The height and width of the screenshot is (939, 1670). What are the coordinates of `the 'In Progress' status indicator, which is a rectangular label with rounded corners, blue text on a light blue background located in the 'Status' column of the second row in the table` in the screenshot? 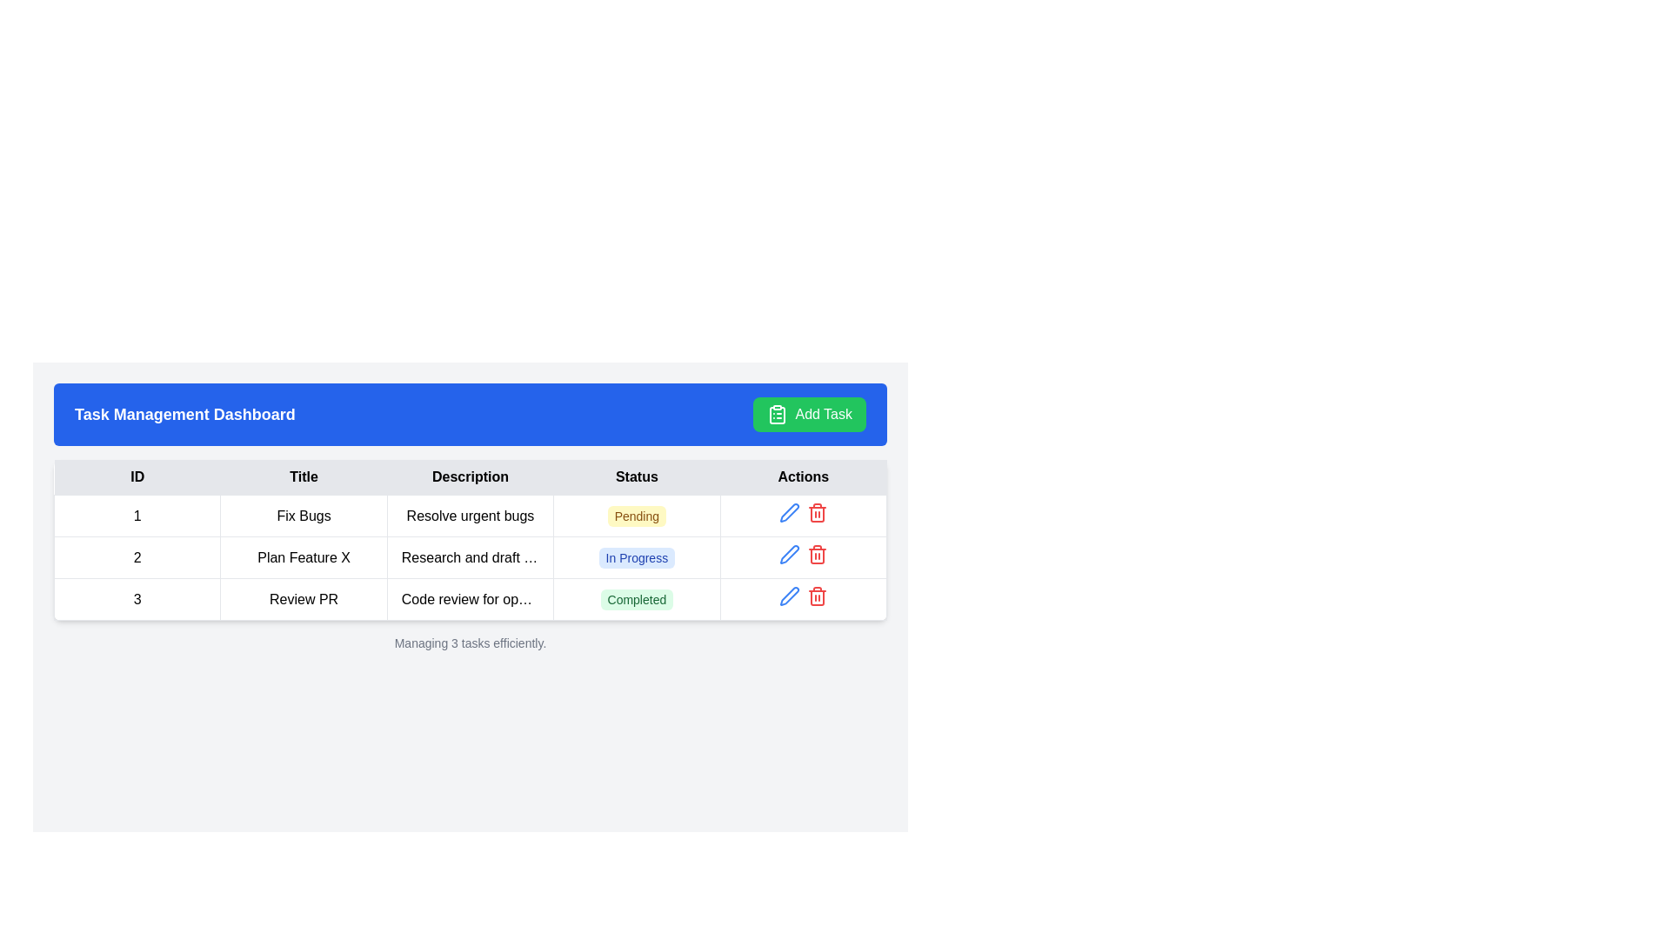 It's located at (636, 557).